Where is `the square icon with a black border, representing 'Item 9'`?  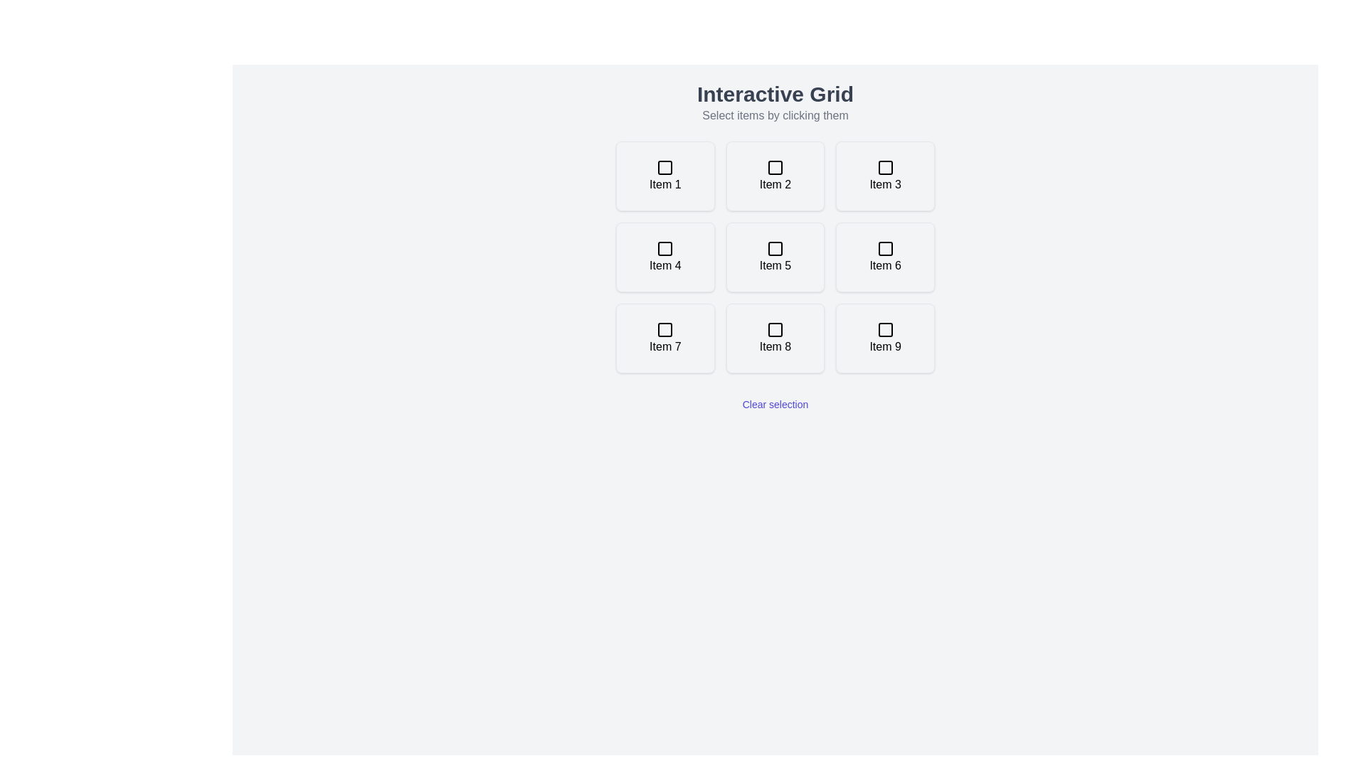
the square icon with a black border, representing 'Item 9' is located at coordinates (884, 329).